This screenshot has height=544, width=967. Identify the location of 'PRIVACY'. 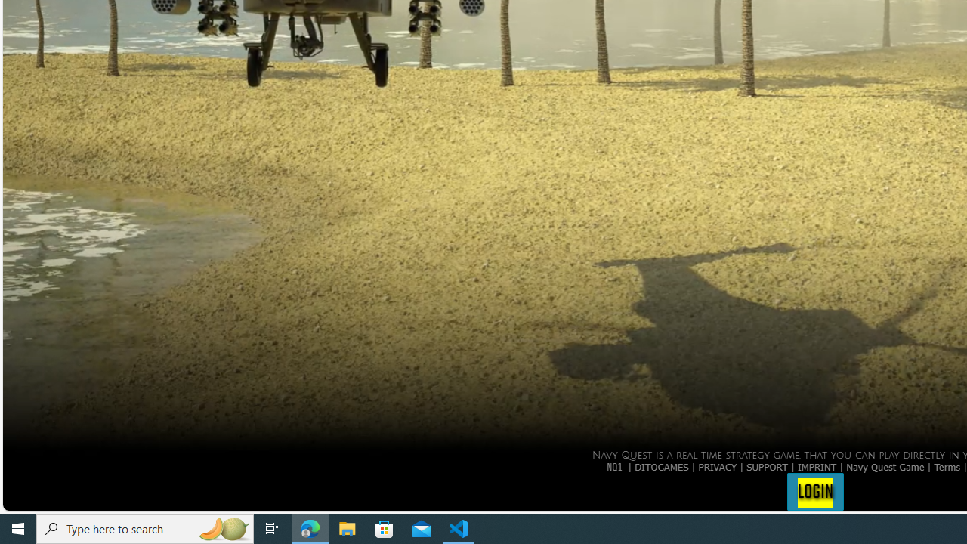
(716, 465).